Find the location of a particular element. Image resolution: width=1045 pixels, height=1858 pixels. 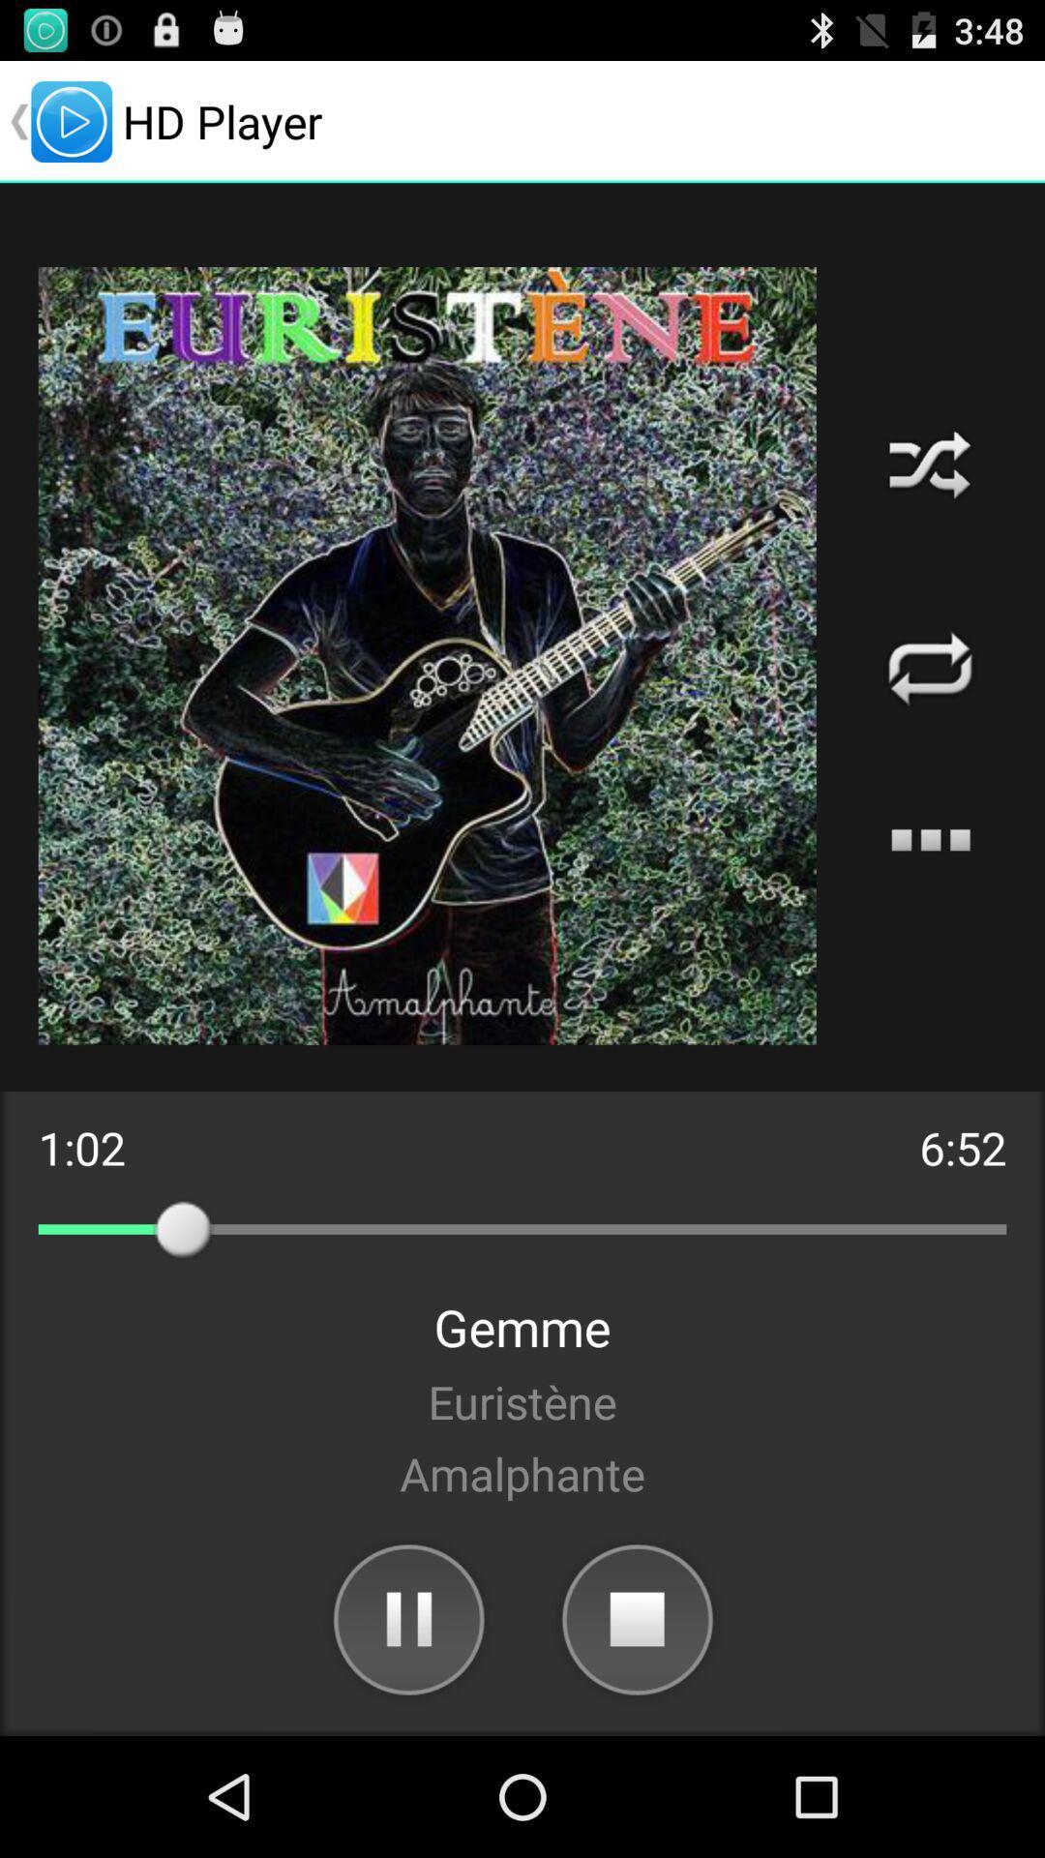

amalphante item is located at coordinates (522, 1472).